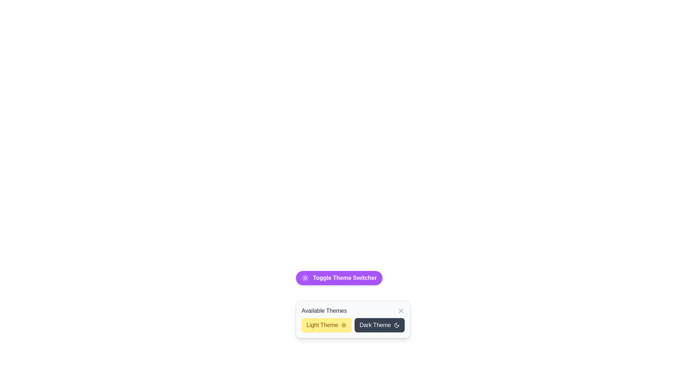  I want to click on text label displaying 'Available Themes' located at the top left of the modal dialog, so click(324, 311).